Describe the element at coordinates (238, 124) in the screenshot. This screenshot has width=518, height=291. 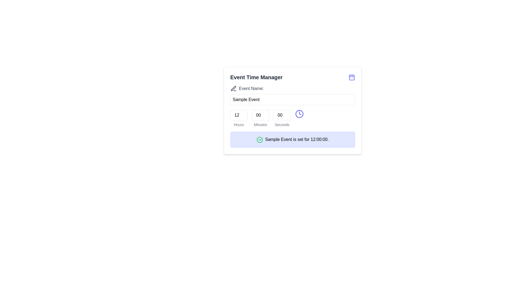
I see `'Hours' label which is a small gray text located below the numeric input box for hours in the time-input section of the UI` at that location.